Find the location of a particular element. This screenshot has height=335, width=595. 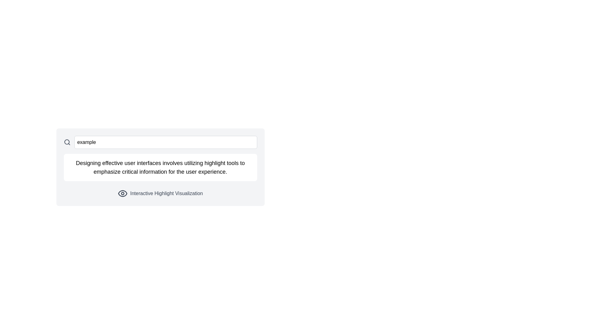

the eye icon, which is styled with thick, rounded strokes and positioned is located at coordinates (123, 193).